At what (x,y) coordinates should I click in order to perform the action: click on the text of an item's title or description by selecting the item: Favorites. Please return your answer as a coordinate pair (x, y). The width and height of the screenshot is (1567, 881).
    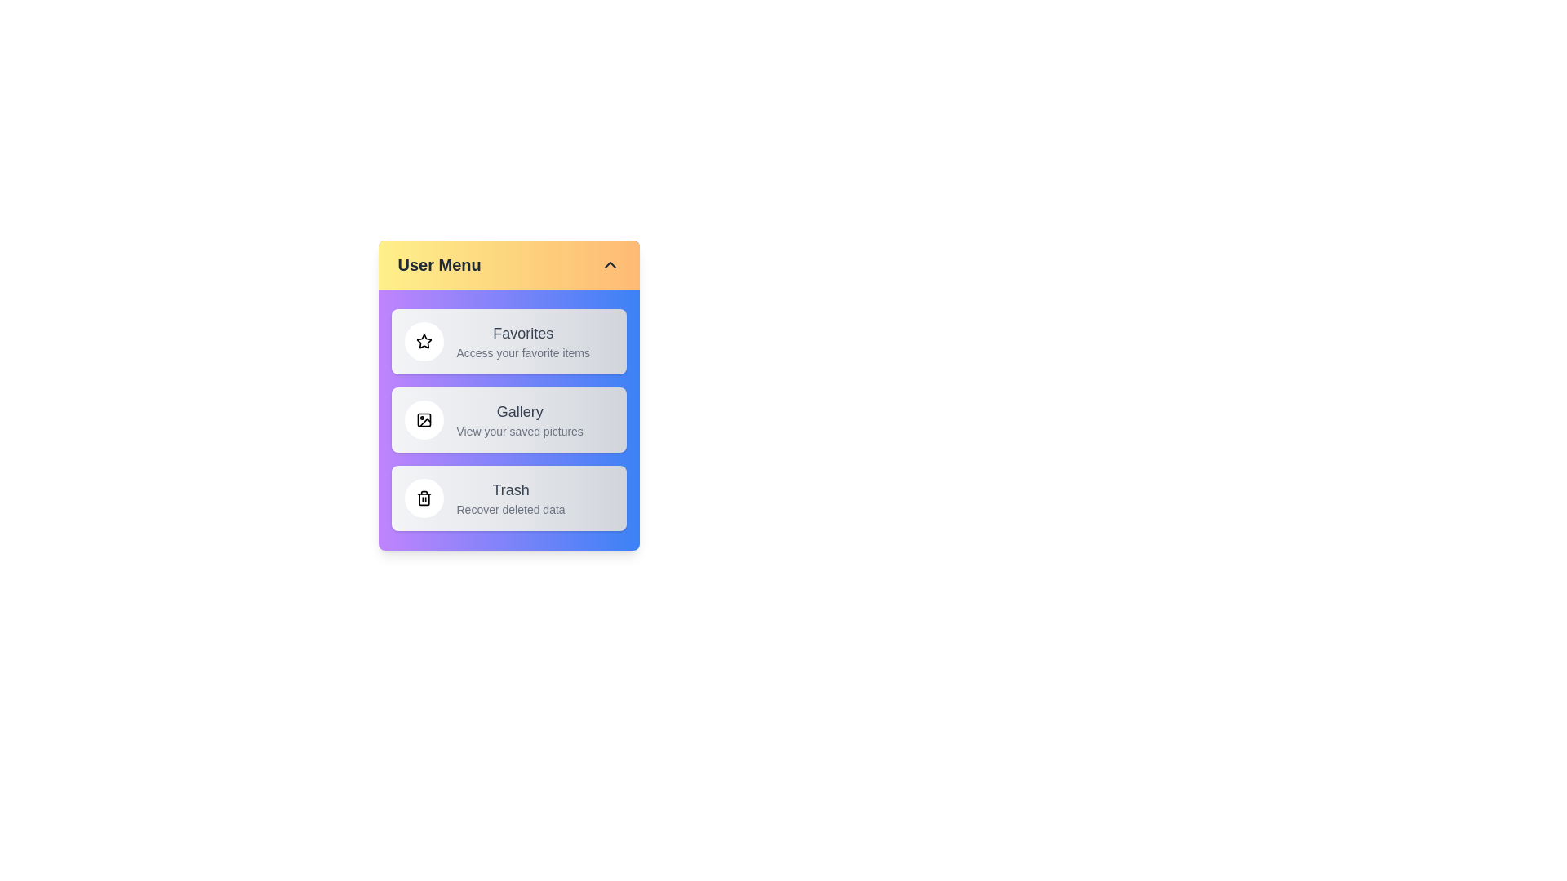
    Looking at the image, I should click on (508, 341).